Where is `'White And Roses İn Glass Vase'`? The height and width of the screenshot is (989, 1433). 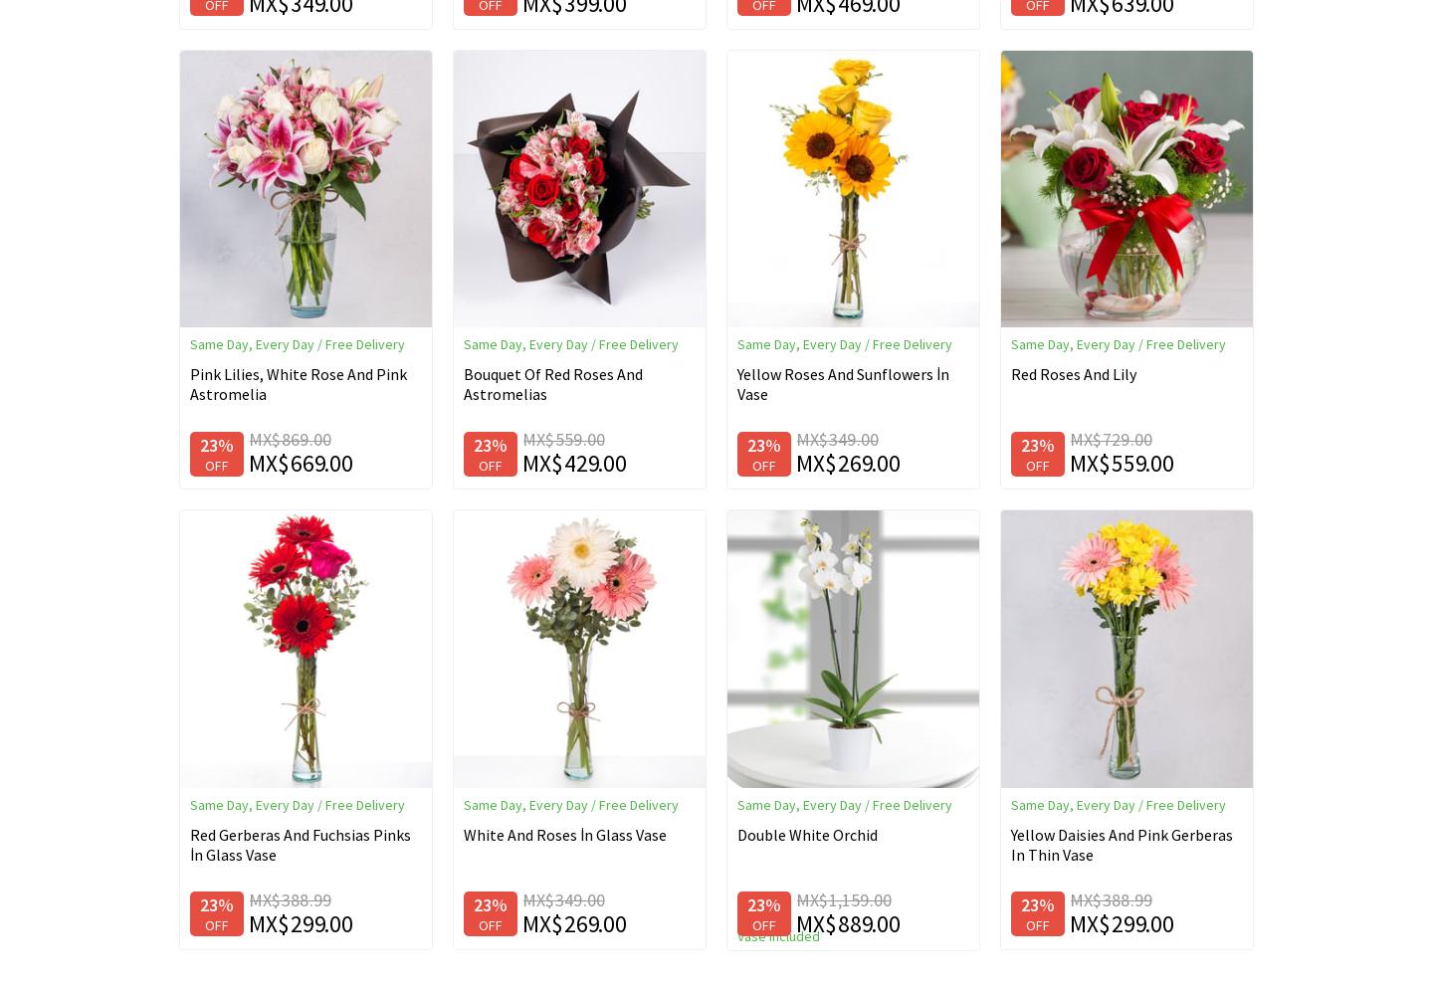 'White And Roses İn Glass Vase' is located at coordinates (463, 833).